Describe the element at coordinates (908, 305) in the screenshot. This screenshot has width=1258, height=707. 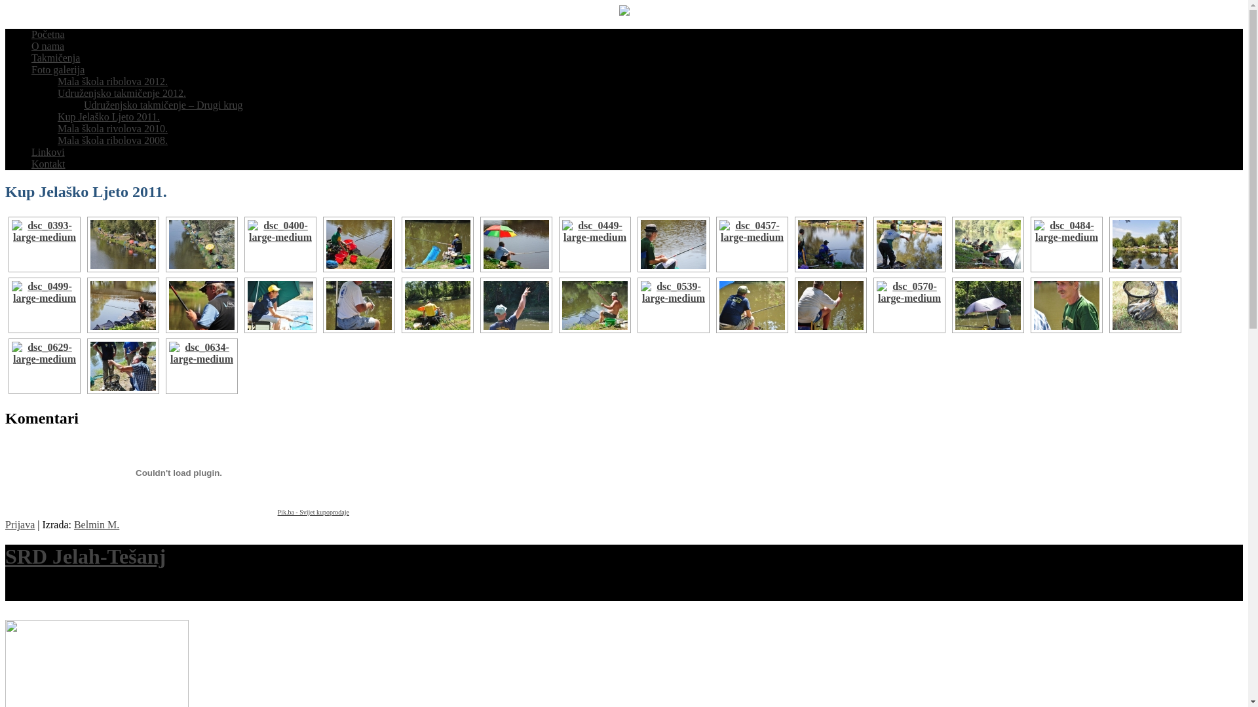
I see `'dsc_0570-large-medium'` at that location.